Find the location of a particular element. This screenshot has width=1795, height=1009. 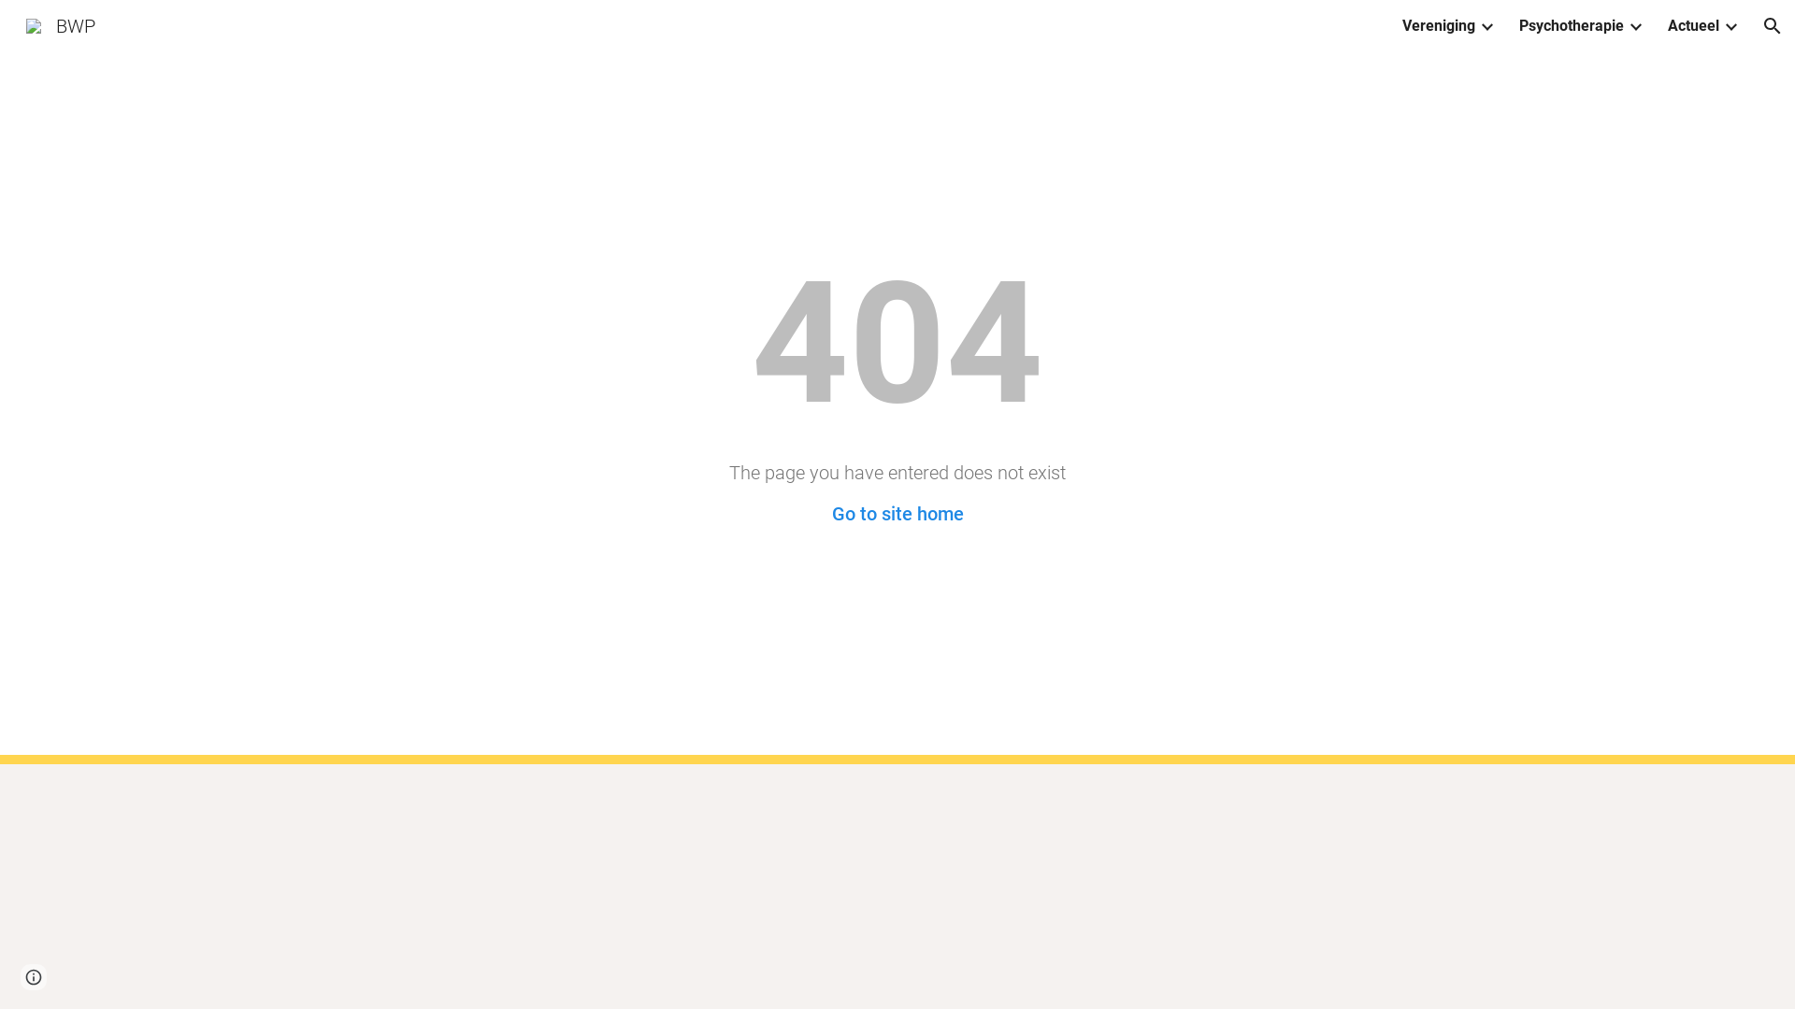

'Expand/Collapse' is located at coordinates (1476, 25).